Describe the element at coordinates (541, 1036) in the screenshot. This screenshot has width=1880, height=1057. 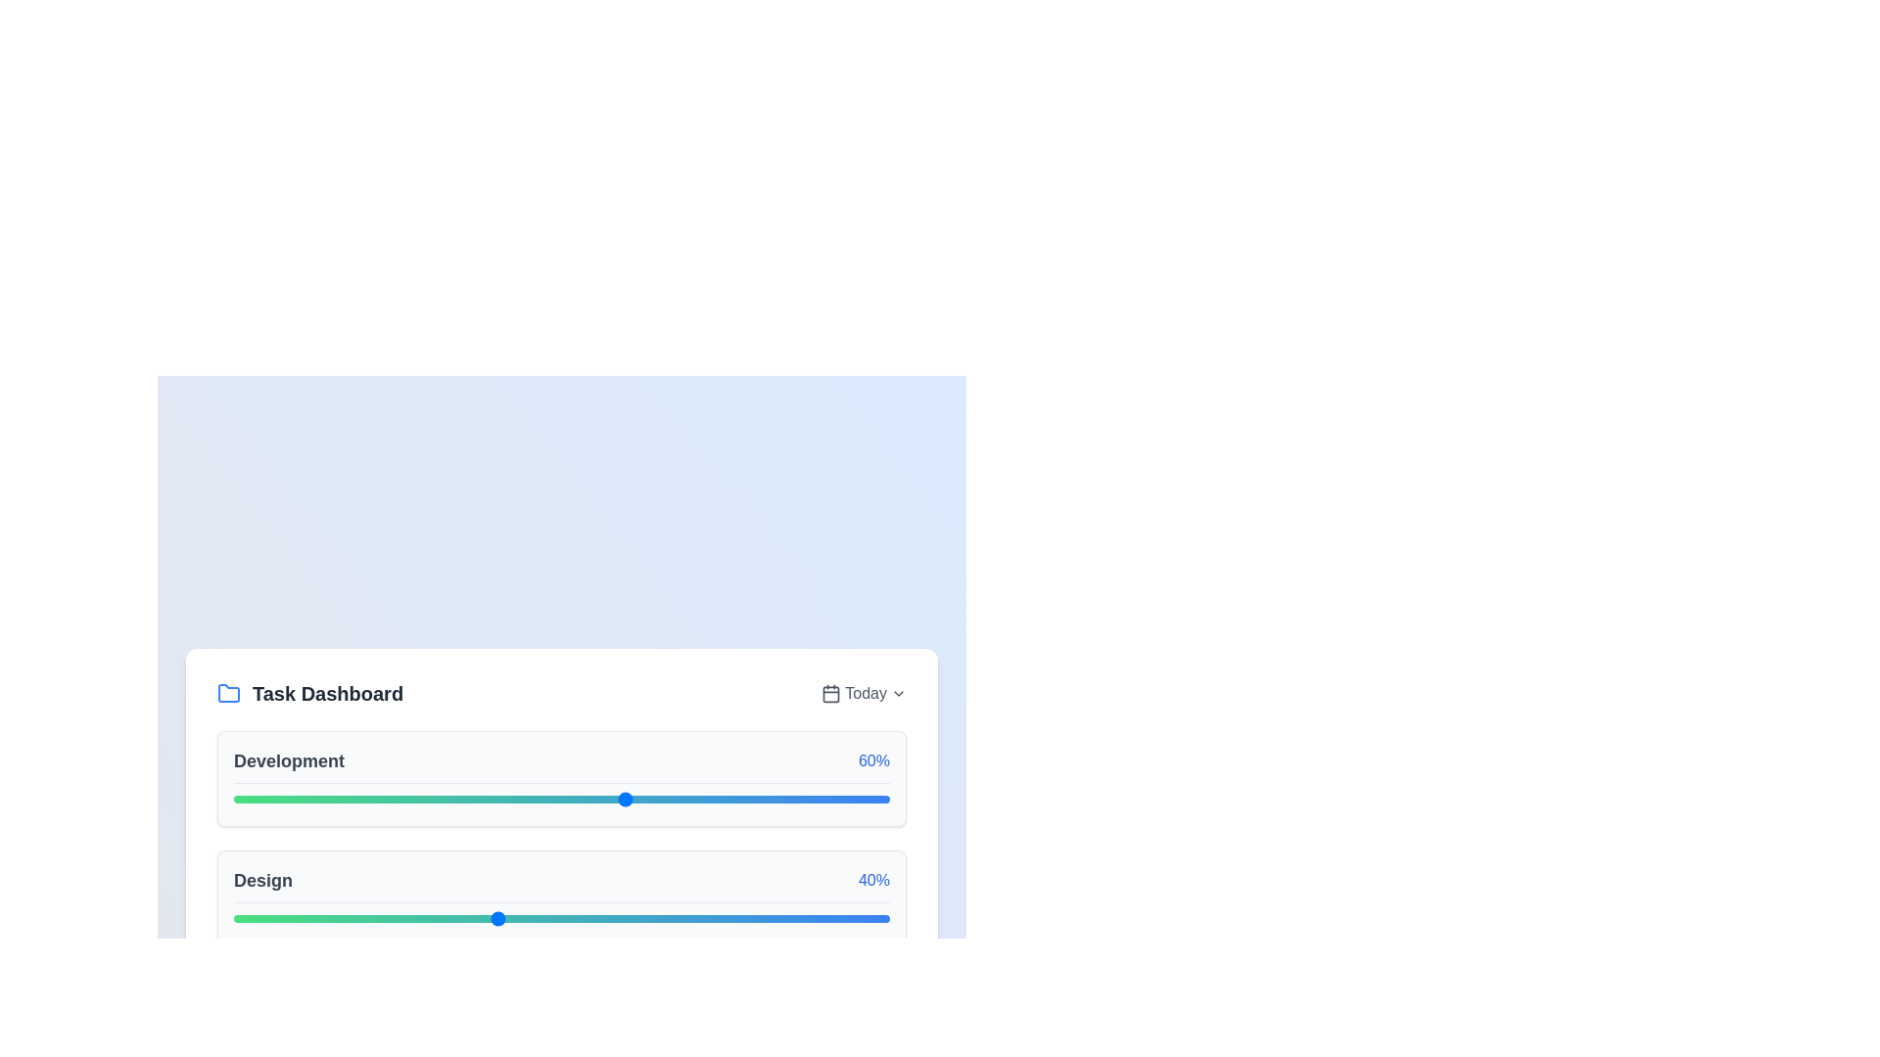
I see `the slider value` at that location.